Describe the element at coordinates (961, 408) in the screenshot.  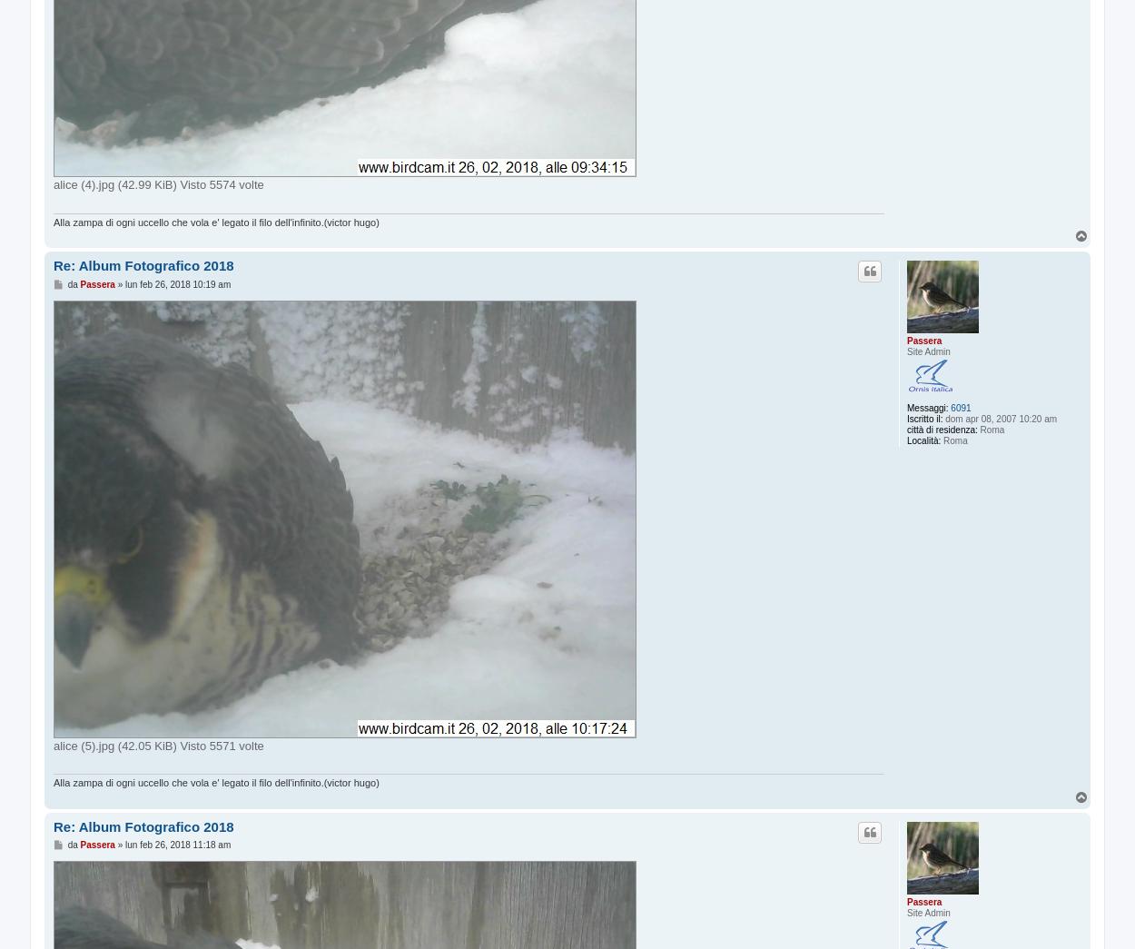
I see `'6091'` at that location.